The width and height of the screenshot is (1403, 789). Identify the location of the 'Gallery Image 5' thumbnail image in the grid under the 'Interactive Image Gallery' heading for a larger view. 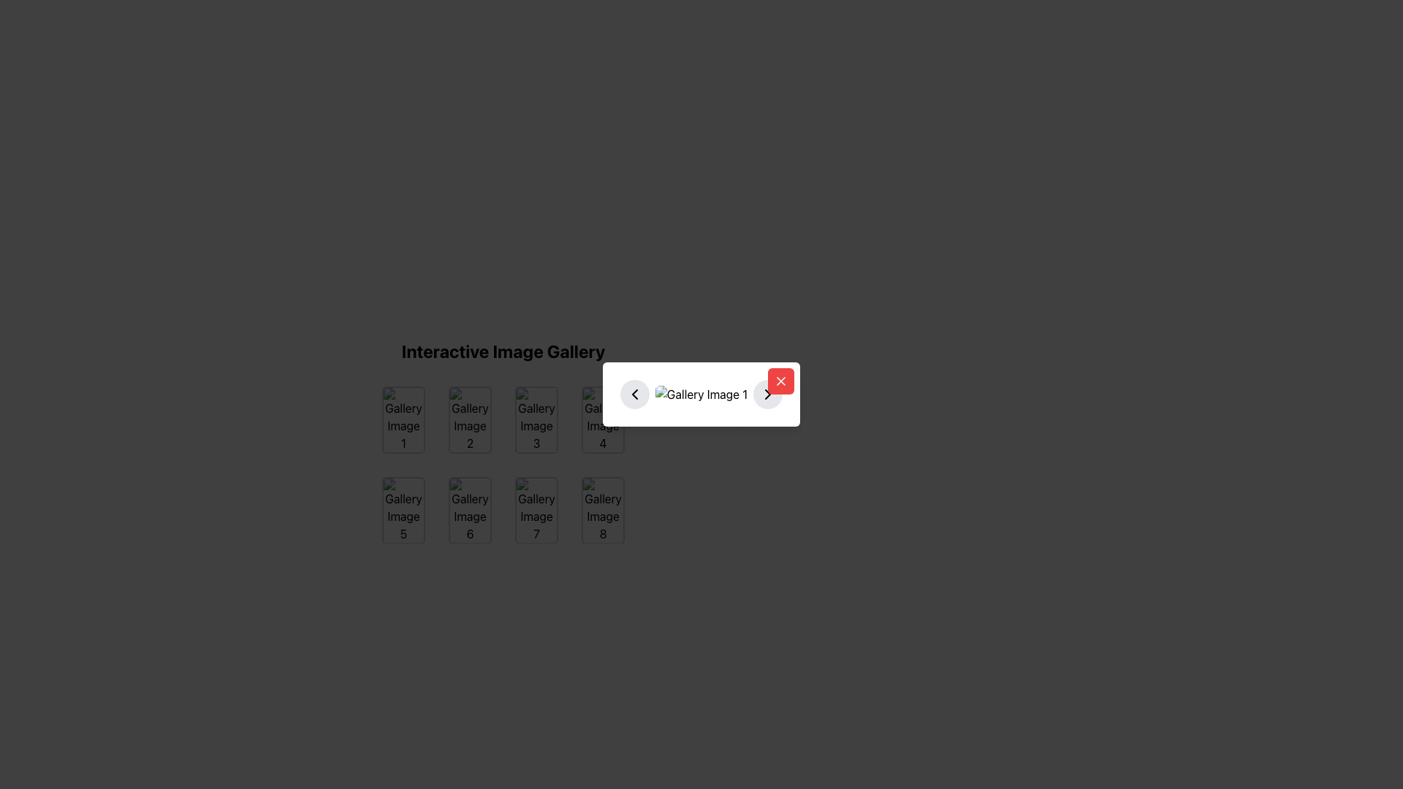
(403, 509).